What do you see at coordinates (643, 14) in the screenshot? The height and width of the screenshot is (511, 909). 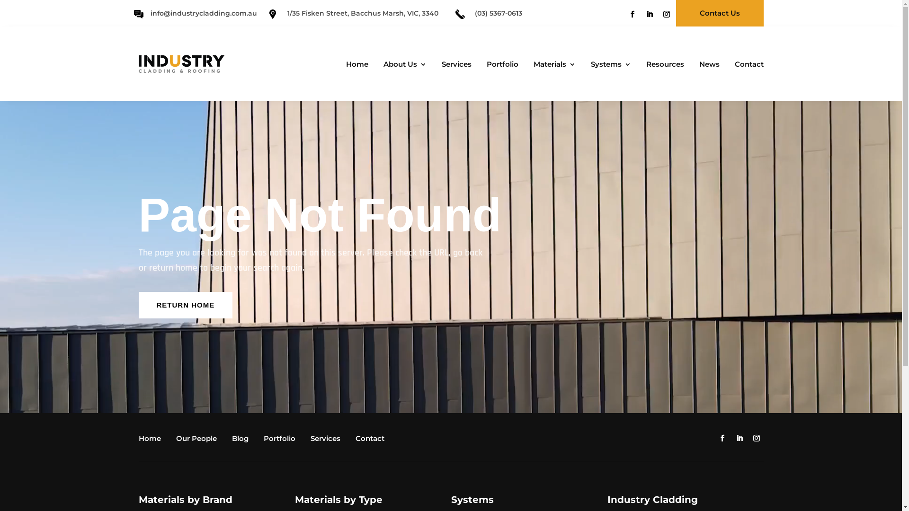 I see `'Follow on LinkedIn'` at bounding box center [643, 14].